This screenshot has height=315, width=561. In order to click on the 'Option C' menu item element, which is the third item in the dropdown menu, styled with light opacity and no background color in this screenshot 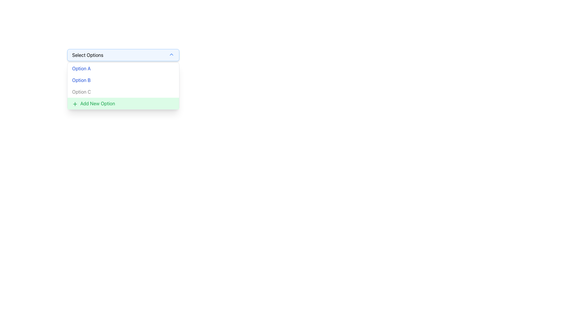, I will do `click(123, 92)`.